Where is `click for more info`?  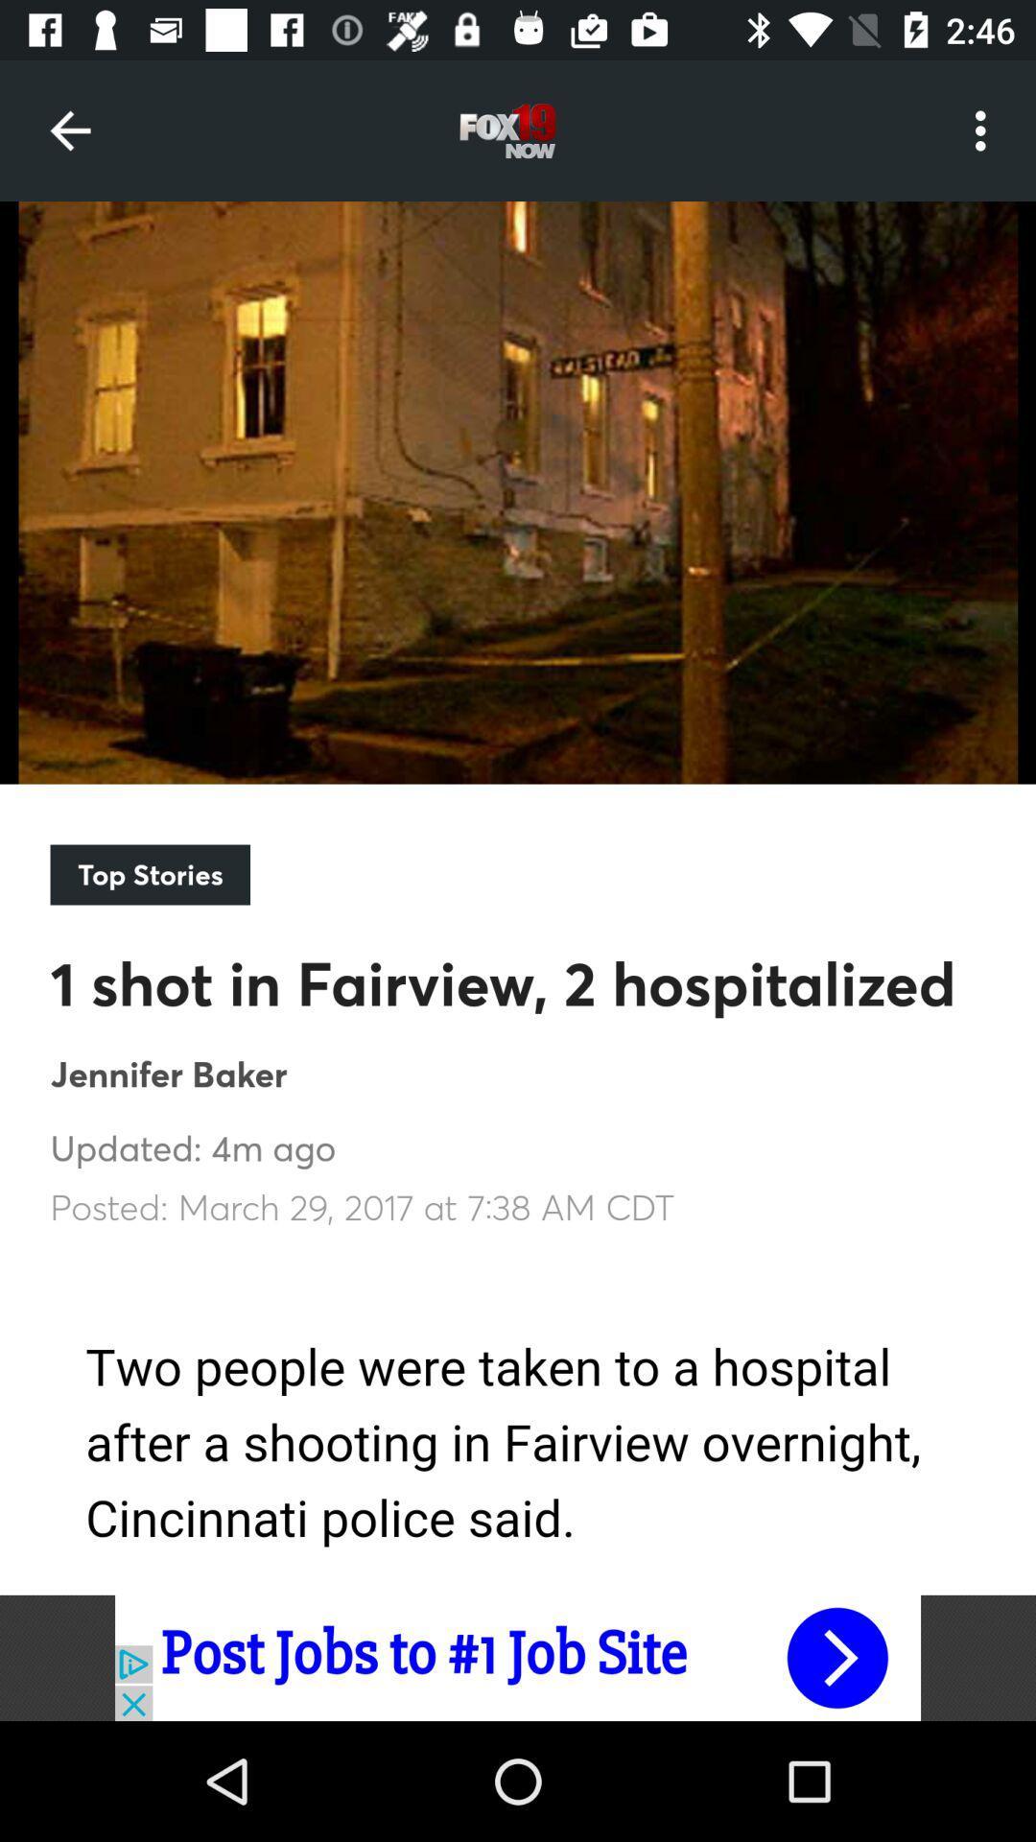 click for more info is located at coordinates (518, 1657).